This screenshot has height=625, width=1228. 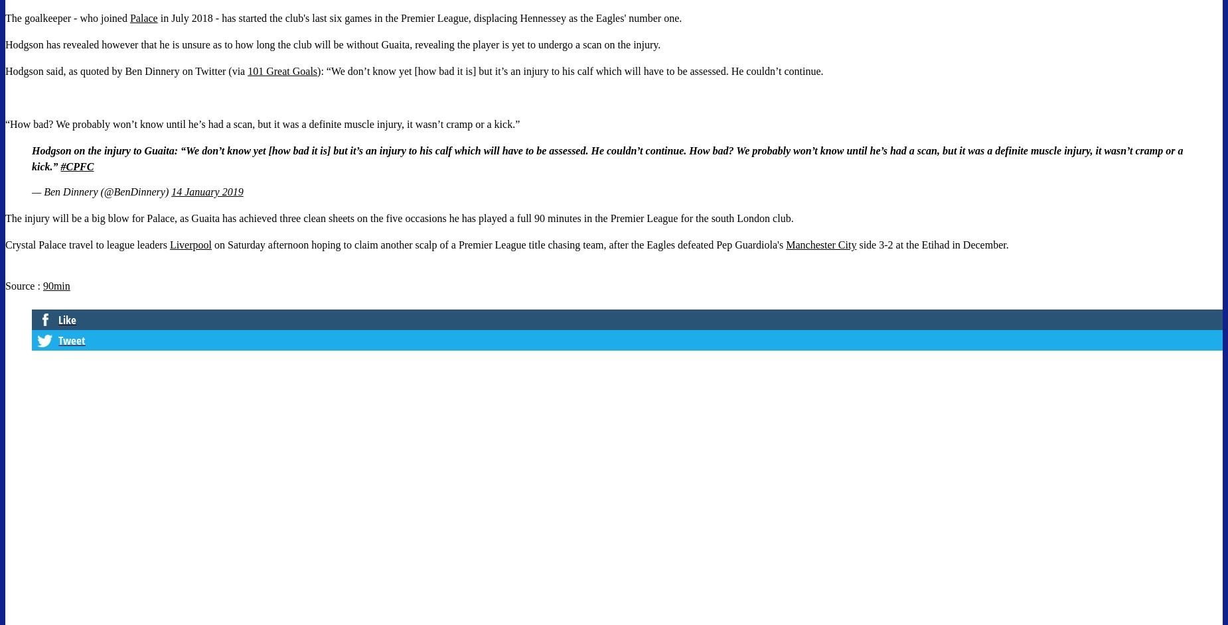 I want to click on 'Hodgson said, as quoted by Ben Dinnery on Twitter (via', so click(x=125, y=71).